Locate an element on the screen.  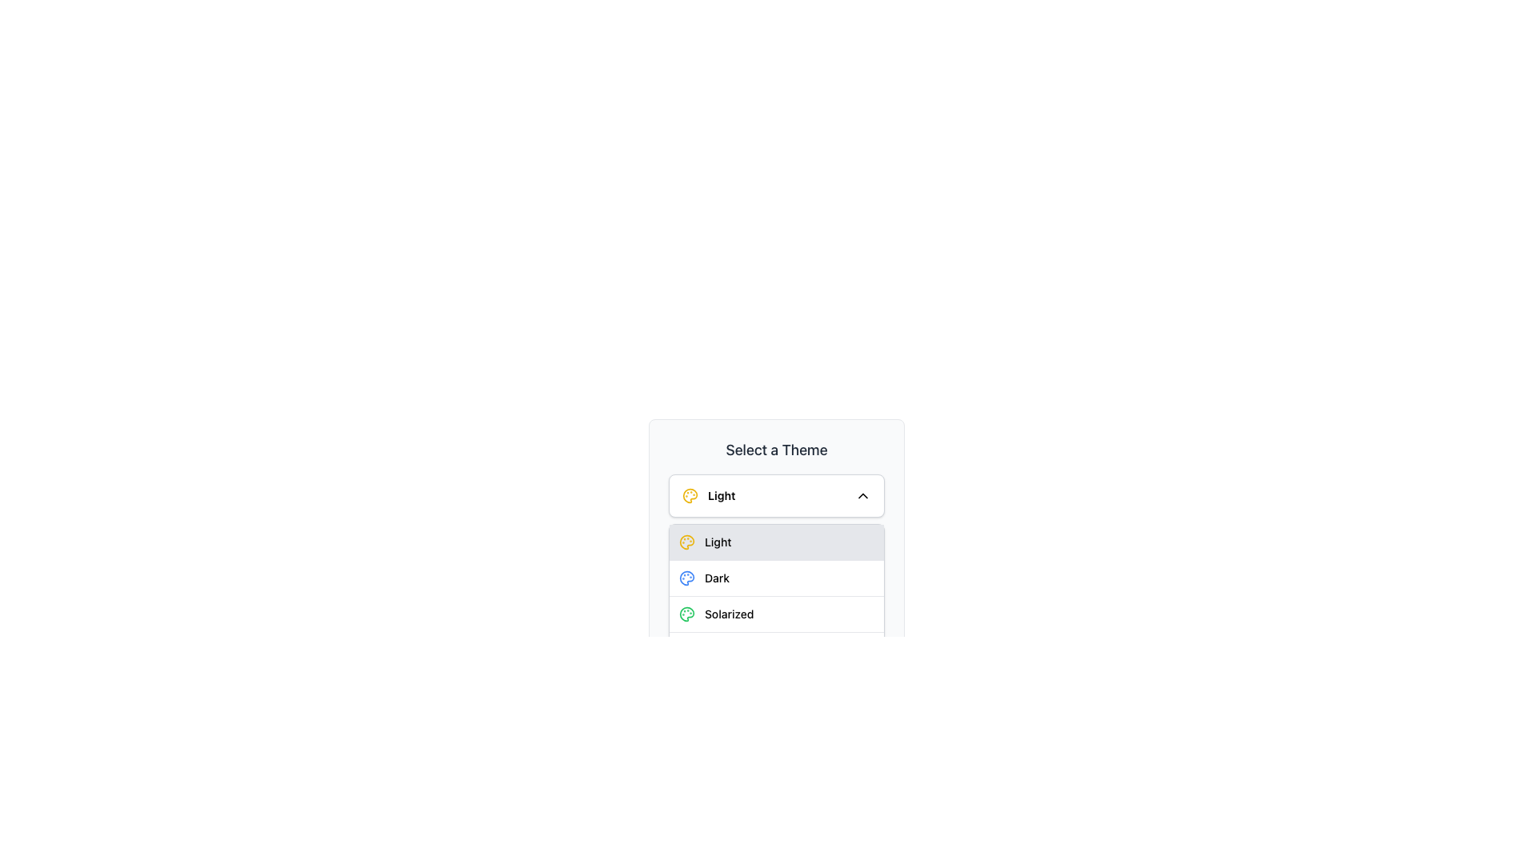
the 'Solarized' theme option in the dropdown menu is located at coordinates (728, 613).